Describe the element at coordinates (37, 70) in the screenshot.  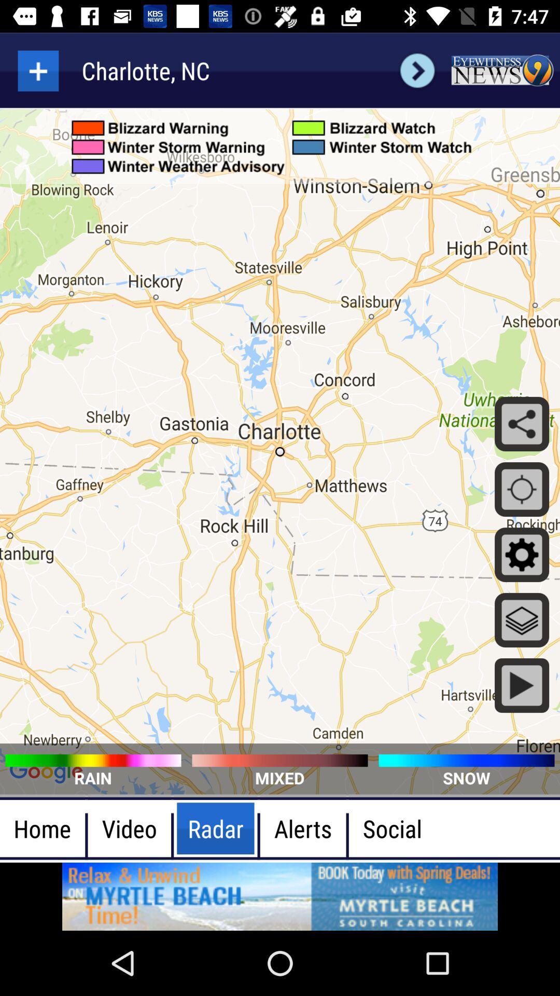
I see `radar` at that location.